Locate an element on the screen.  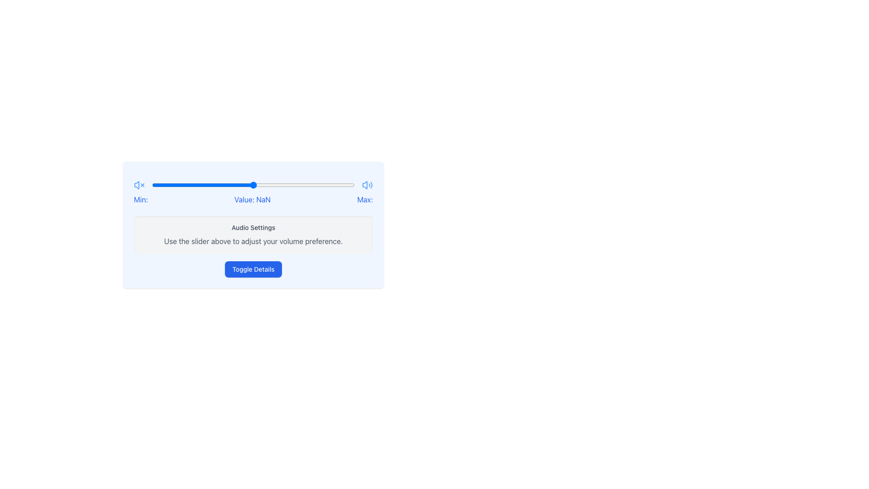
the slider is located at coordinates (156, 184).